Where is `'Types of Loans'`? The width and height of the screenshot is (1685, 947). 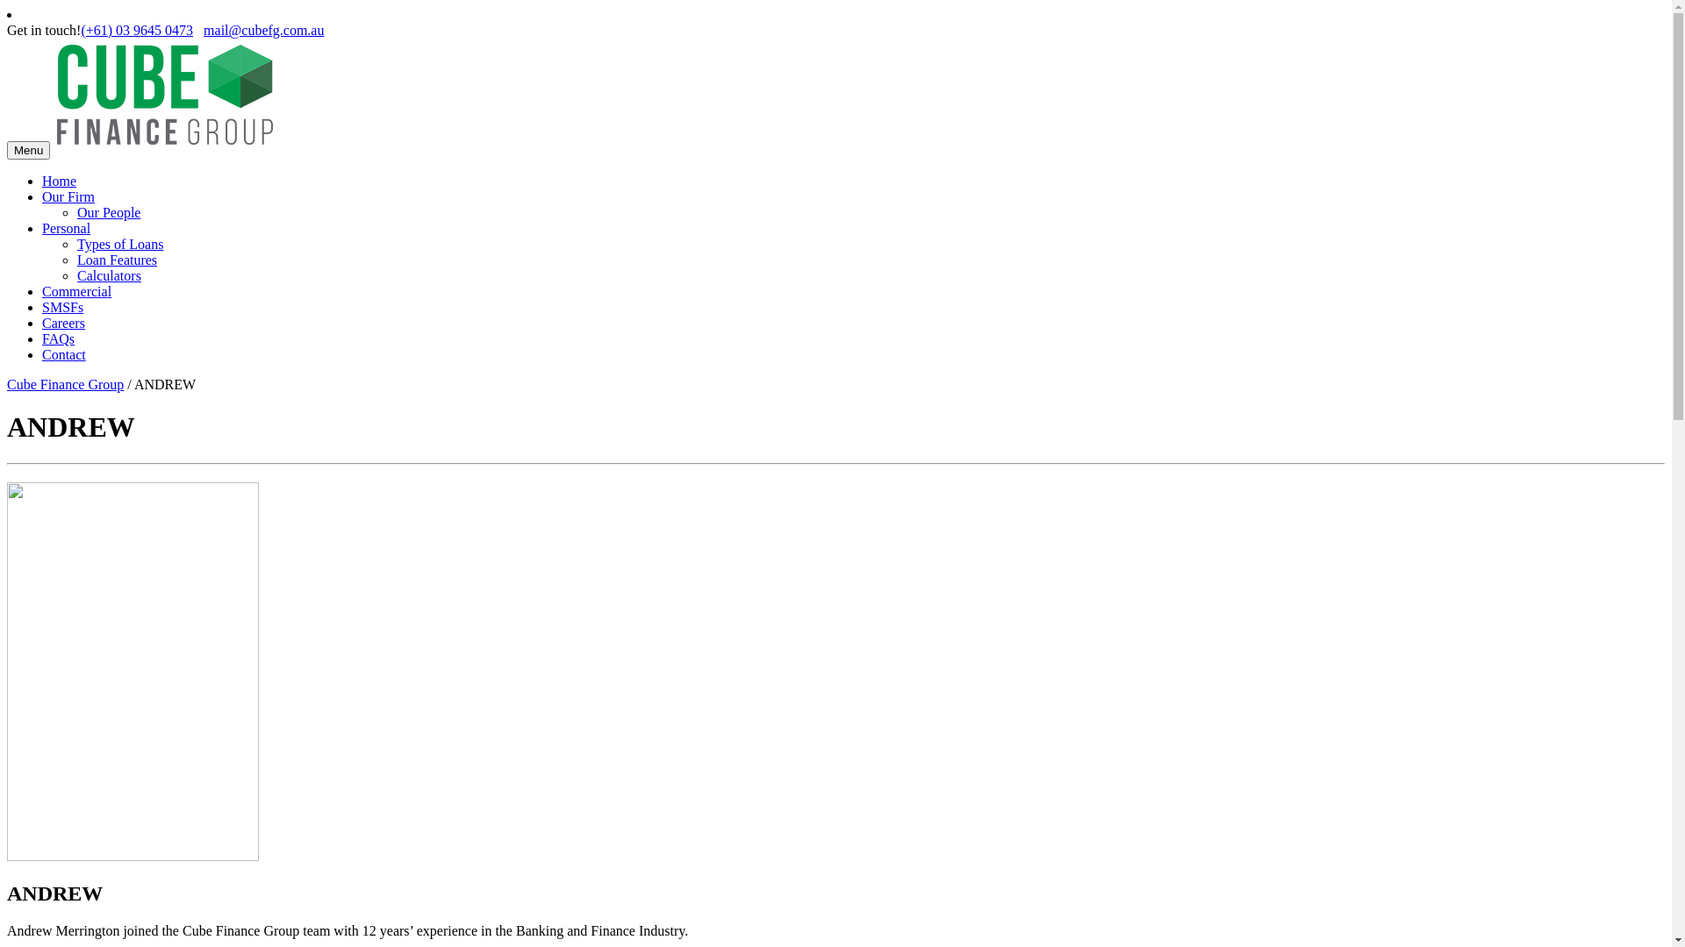
'Types of Loans' is located at coordinates (119, 244).